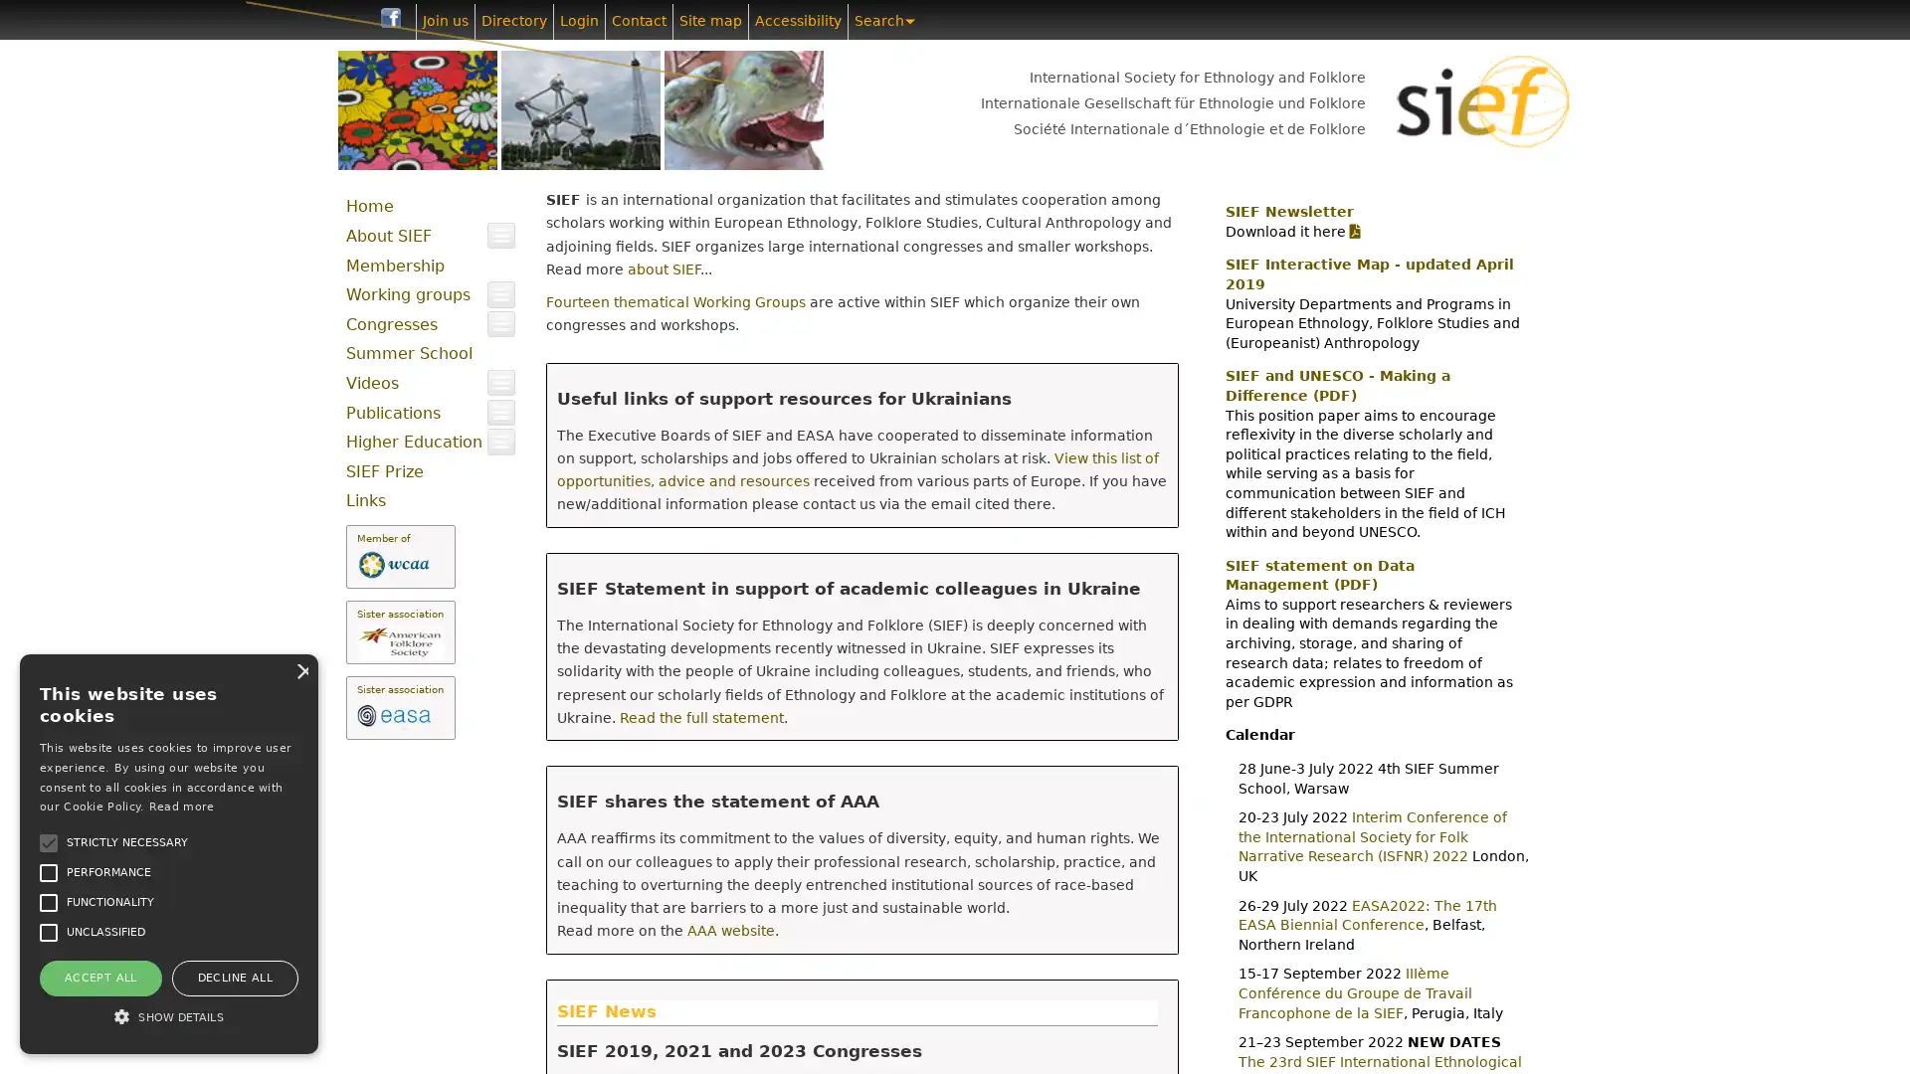 The height and width of the screenshot is (1074, 1910). Describe the element at coordinates (98, 977) in the screenshot. I see `ACCEPT ALL` at that location.